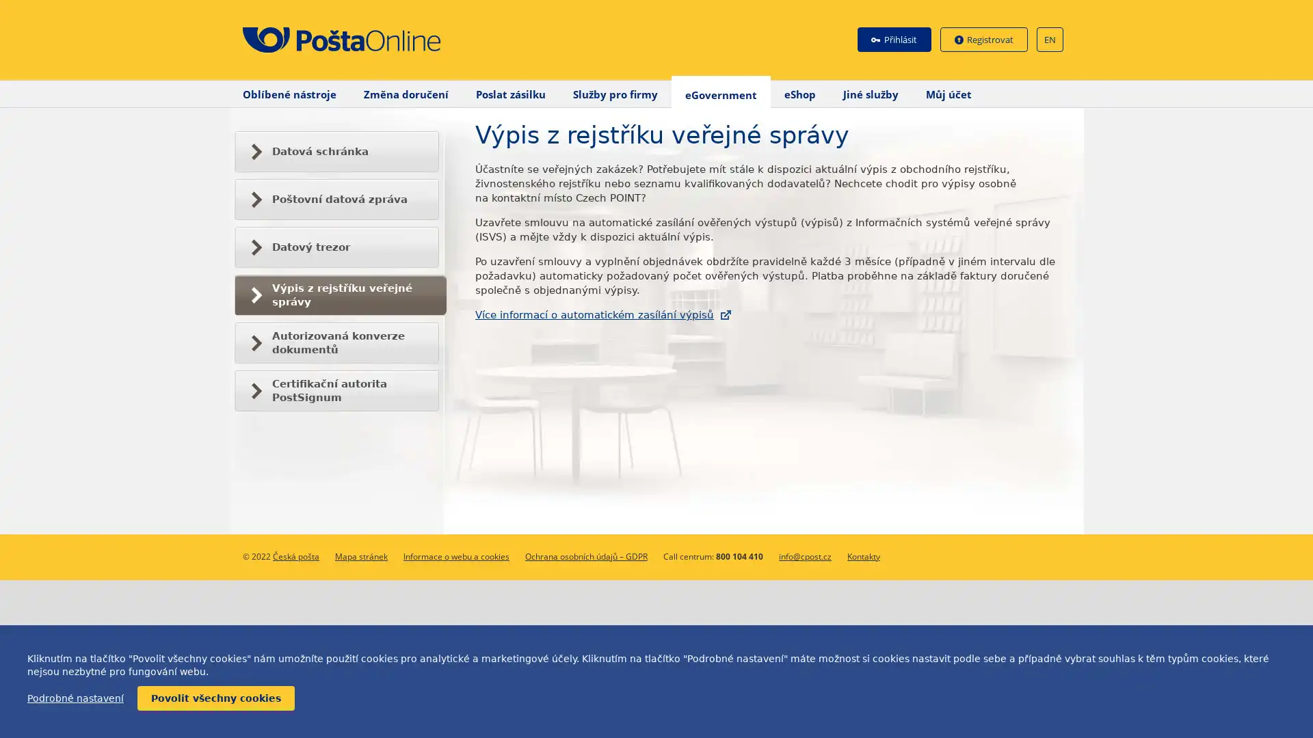 The image size is (1313, 738). What do you see at coordinates (215, 698) in the screenshot?
I see `Povolit vsechny cookies` at bounding box center [215, 698].